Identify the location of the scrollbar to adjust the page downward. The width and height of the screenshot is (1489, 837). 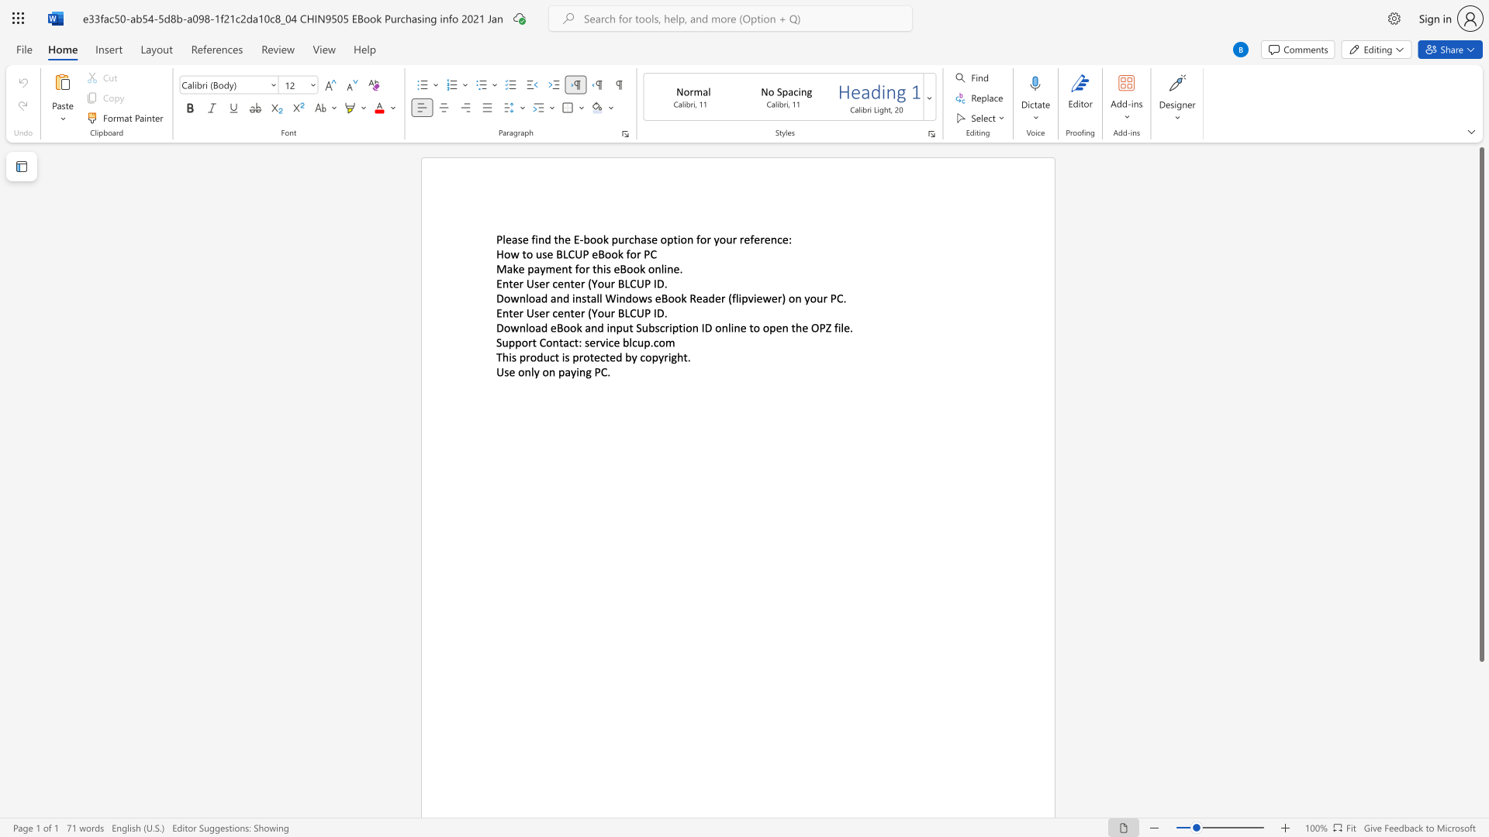
(1480, 783).